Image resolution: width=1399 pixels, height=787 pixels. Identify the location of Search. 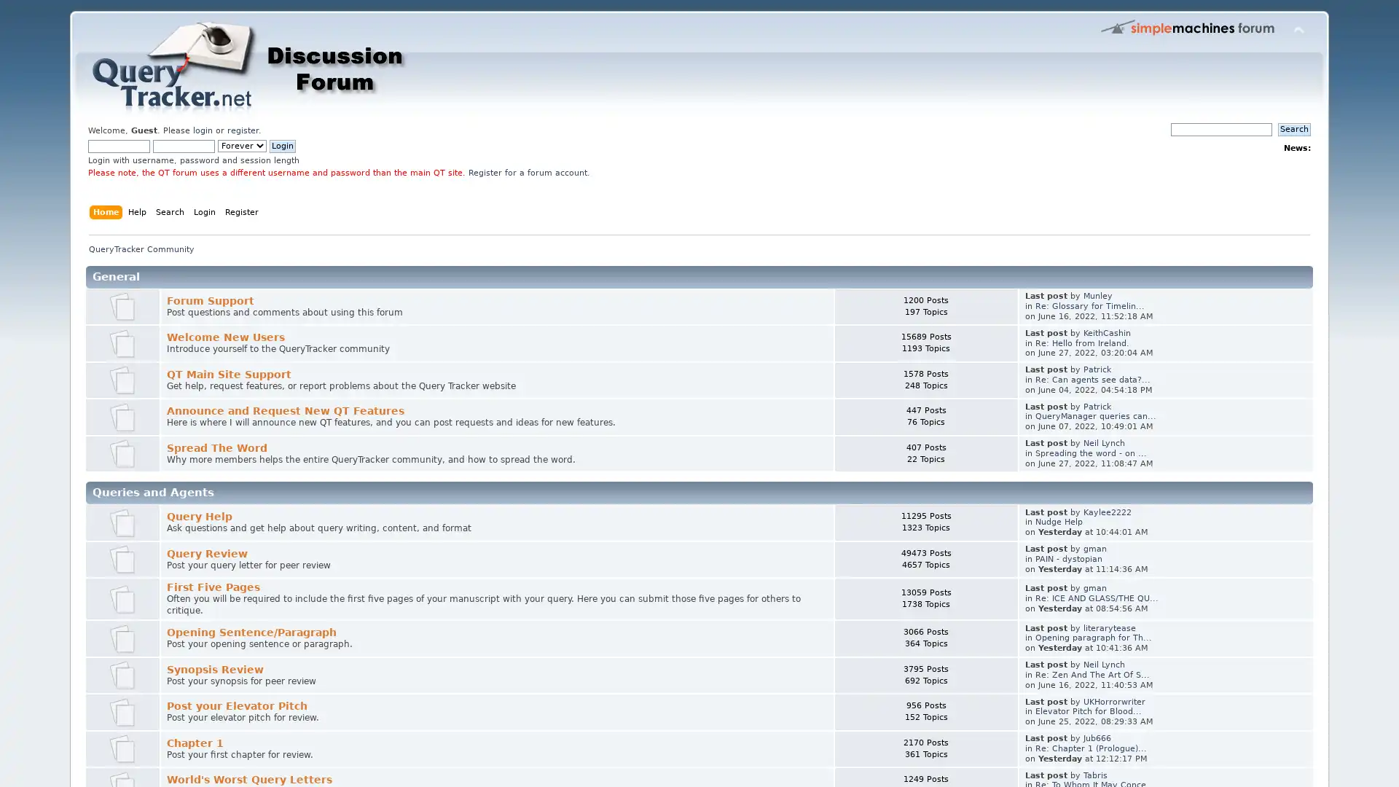
(1294, 128).